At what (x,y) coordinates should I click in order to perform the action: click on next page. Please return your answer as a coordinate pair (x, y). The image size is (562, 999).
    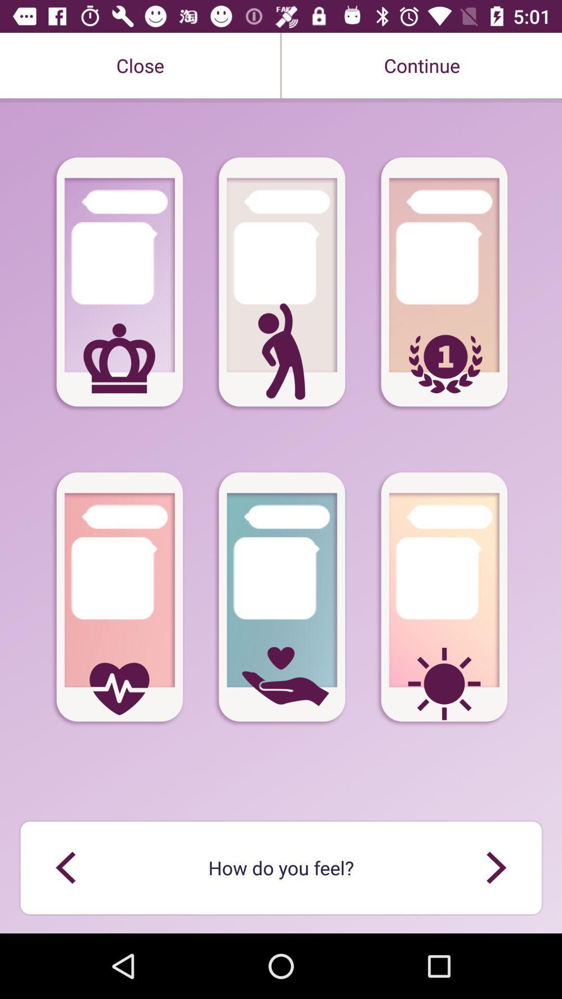
    Looking at the image, I should click on (495, 867).